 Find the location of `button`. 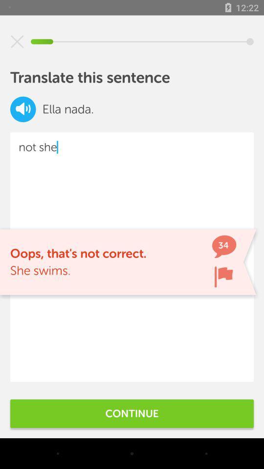

button is located at coordinates (17, 42).